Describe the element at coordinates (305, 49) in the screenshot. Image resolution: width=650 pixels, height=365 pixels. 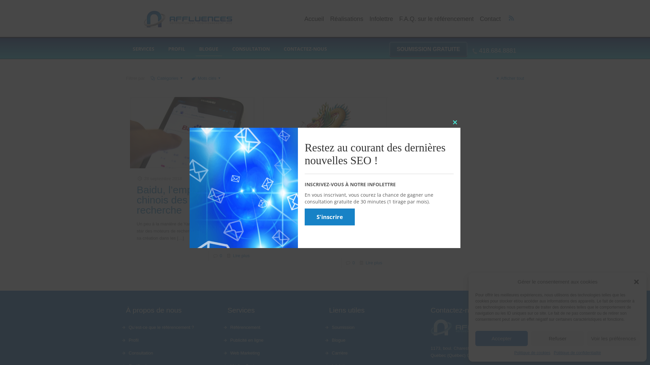
I see `'CONTACTEZ-NOUS'` at that location.